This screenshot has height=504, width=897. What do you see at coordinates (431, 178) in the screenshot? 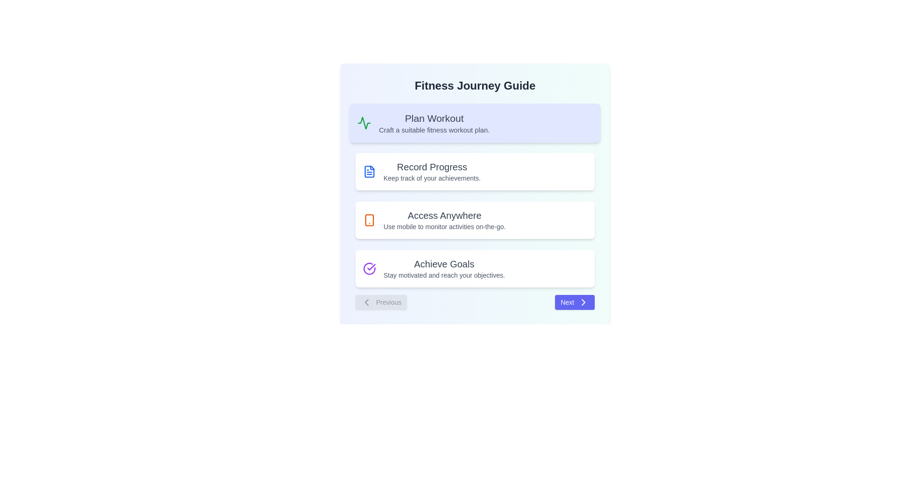
I see `the text label that provides supportive context for the 'Record Progress' action, located below the 'Record Progress' heading in the second action card` at bounding box center [431, 178].